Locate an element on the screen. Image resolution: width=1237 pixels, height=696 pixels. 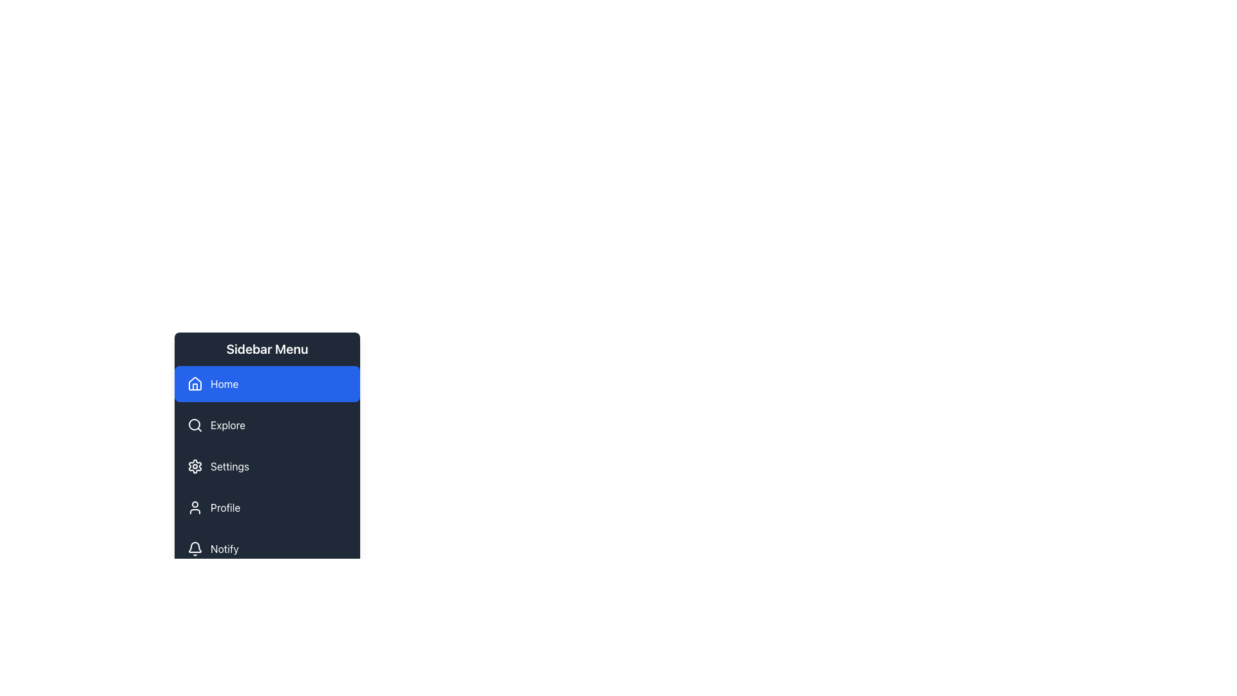
the third button in the vertical sidebar menu, which navigates to 'Settings' is located at coordinates (266, 467).